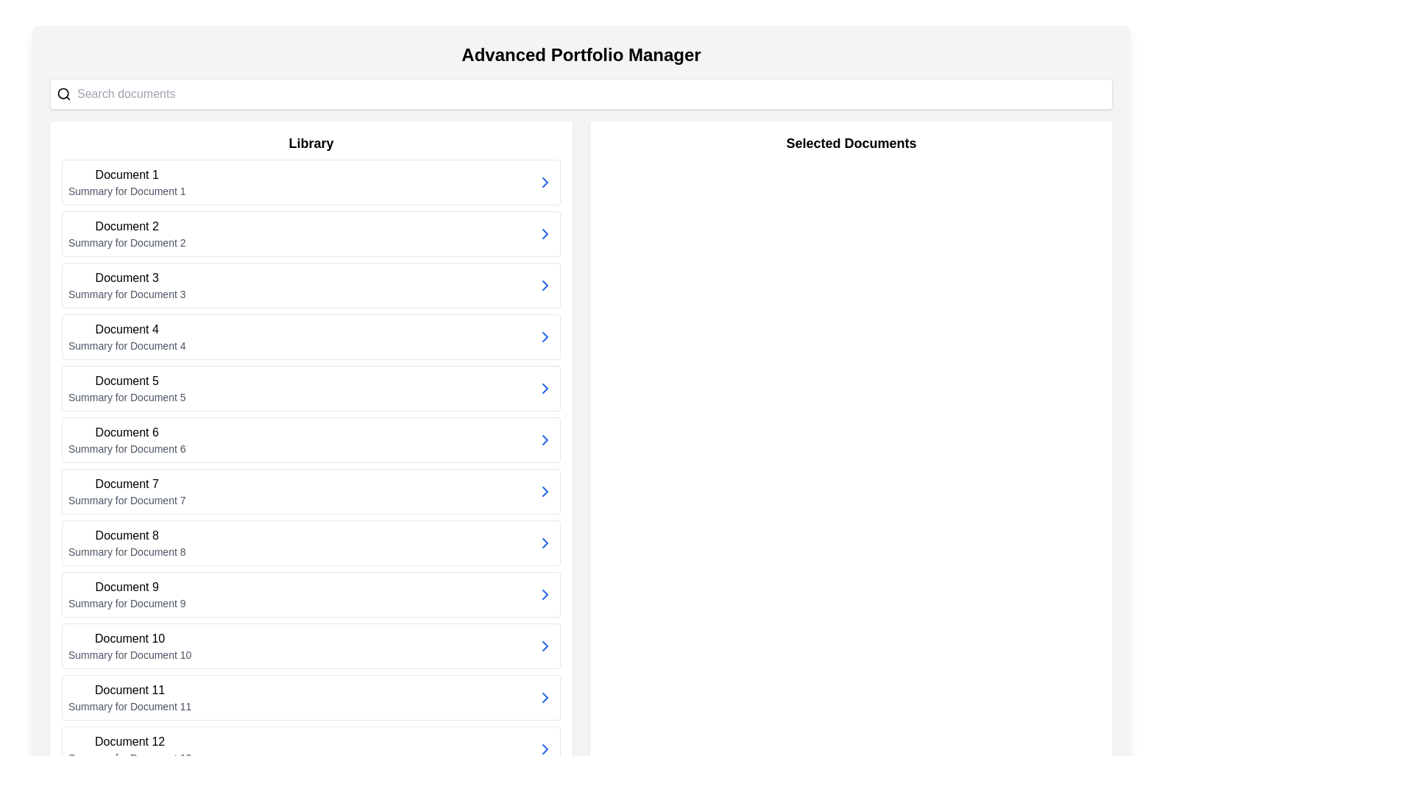  What do you see at coordinates (127, 278) in the screenshot?
I see `the text label titled 'Document 3', which serves as the header for its associated content in the Library section` at bounding box center [127, 278].